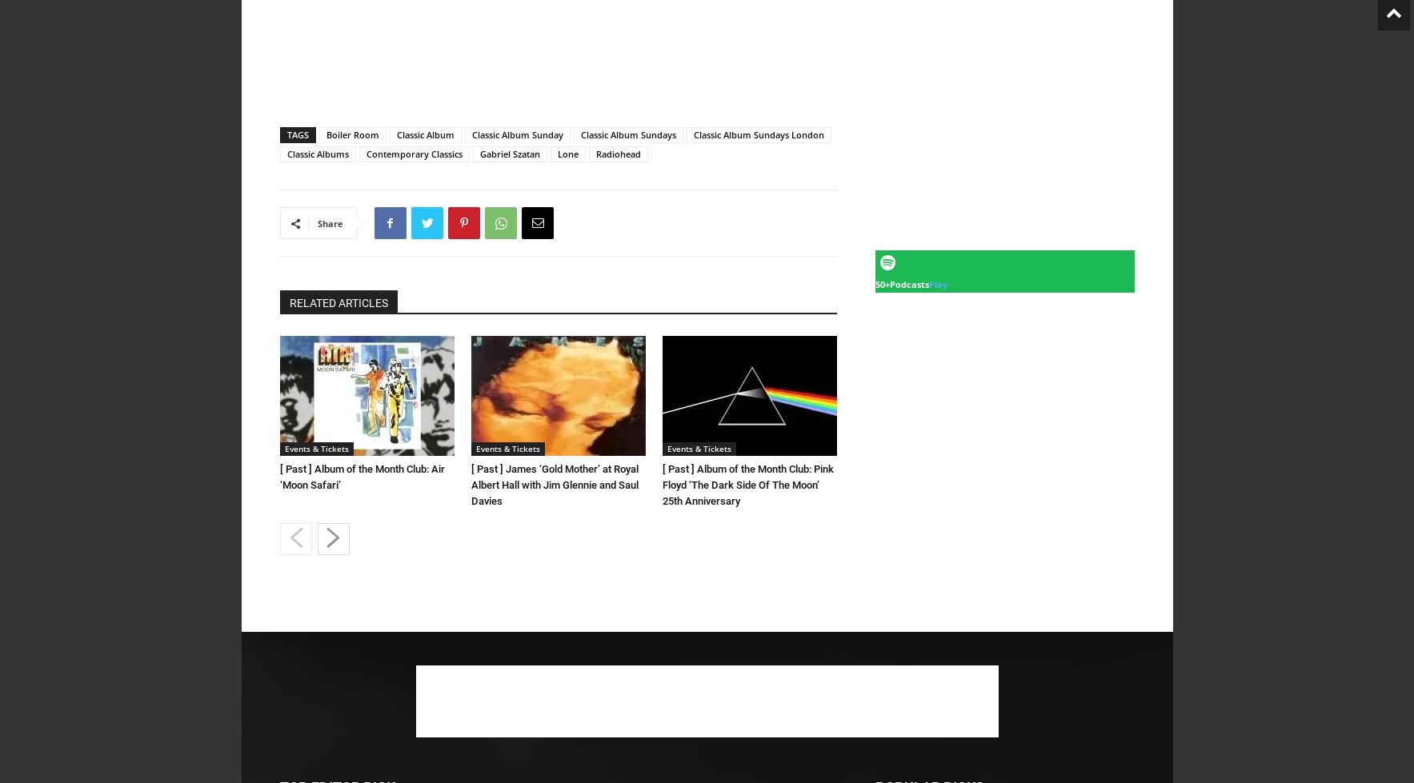 The image size is (1414, 783). What do you see at coordinates (617, 154) in the screenshot?
I see `'Radiohead'` at bounding box center [617, 154].